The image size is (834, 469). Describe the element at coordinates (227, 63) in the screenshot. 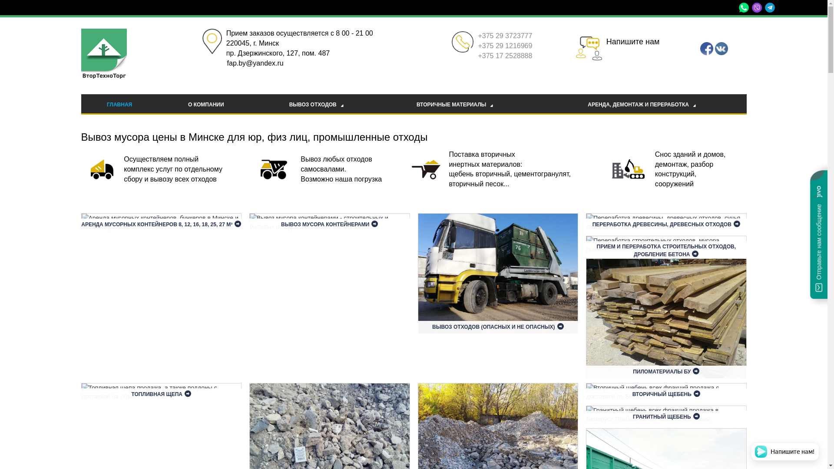

I see `'fap.by@yandex.ru'` at that location.